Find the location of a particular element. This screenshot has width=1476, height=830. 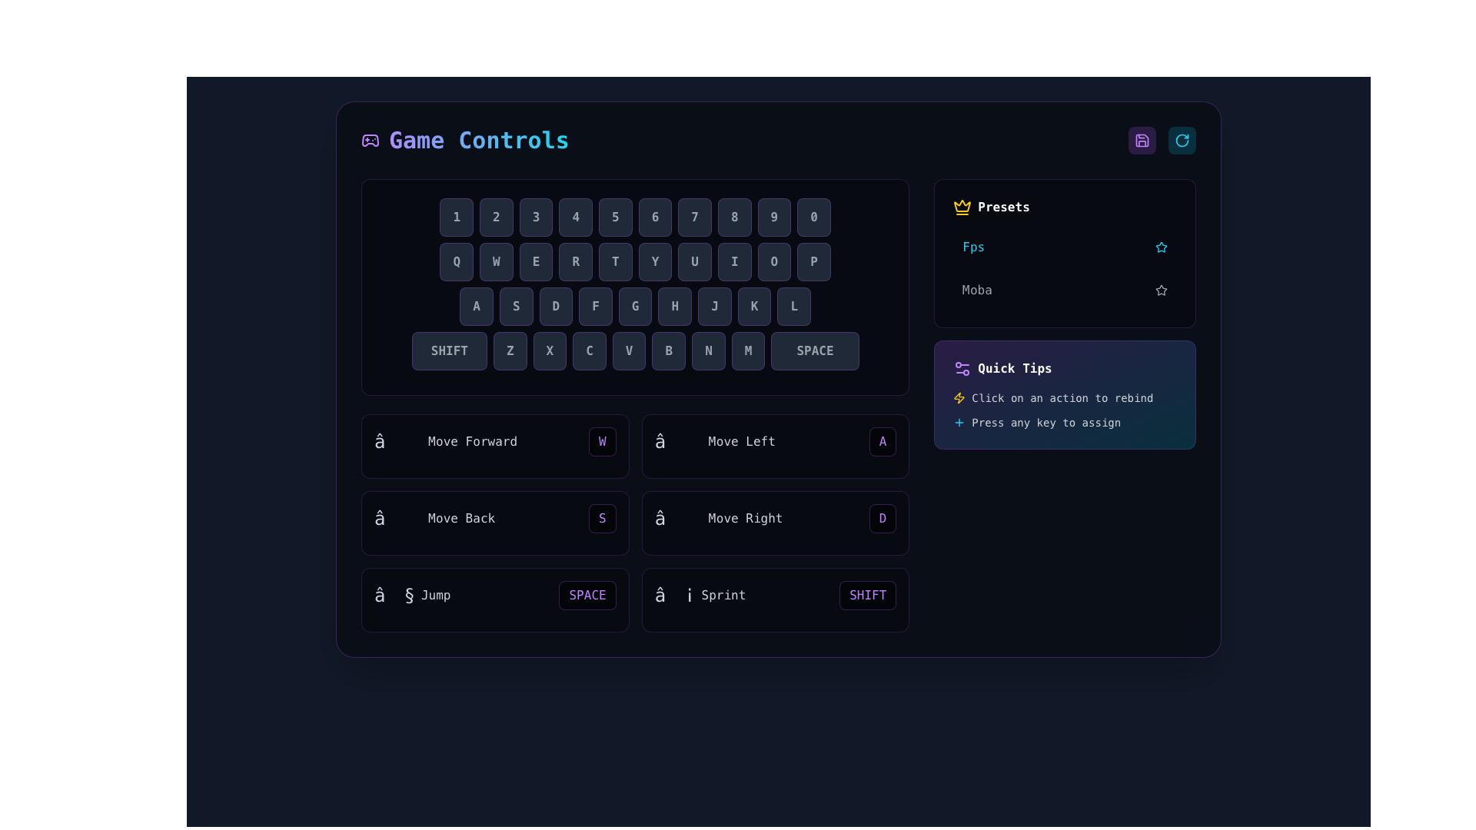

the 'Move Left' Text Label, which is located in the second row of the movement shortcut settings, positioned between 'Move Forward' and 'Move Right' is located at coordinates (714, 441).